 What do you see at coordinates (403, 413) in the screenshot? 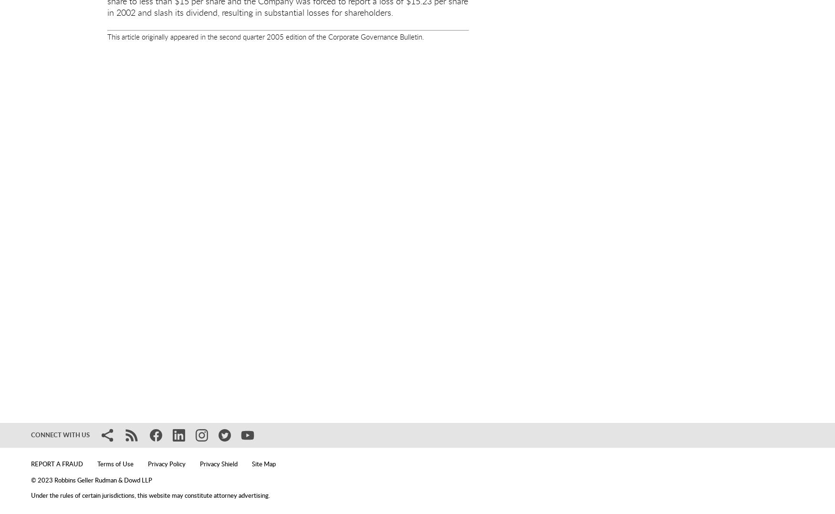
I see `'contact us'` at bounding box center [403, 413].